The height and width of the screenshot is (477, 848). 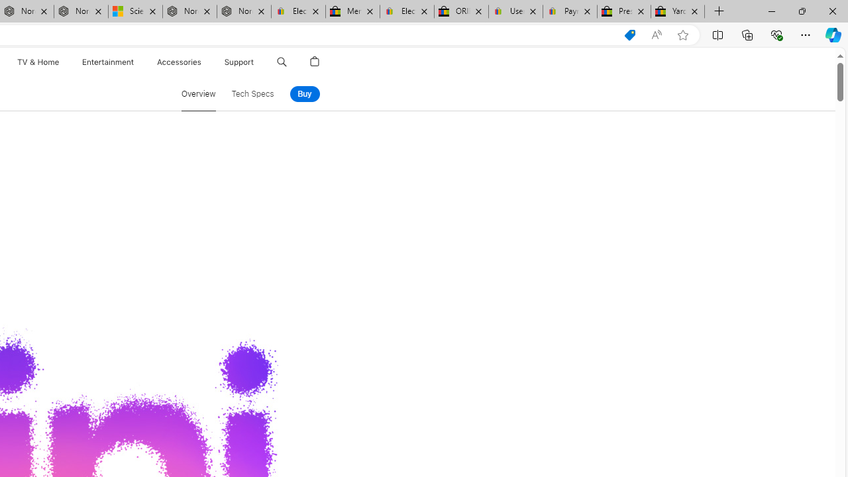 I want to click on 'Nordace - Summer Adventures 2024', so click(x=189, y=11).